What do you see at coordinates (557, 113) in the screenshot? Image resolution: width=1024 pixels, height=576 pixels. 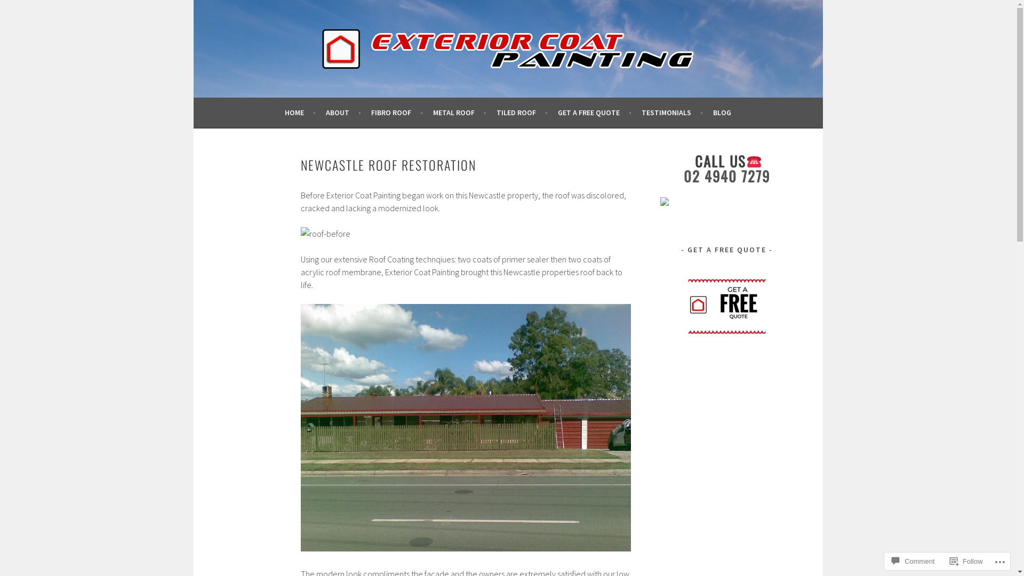 I see `'GET A FREE QUOTE'` at bounding box center [557, 113].